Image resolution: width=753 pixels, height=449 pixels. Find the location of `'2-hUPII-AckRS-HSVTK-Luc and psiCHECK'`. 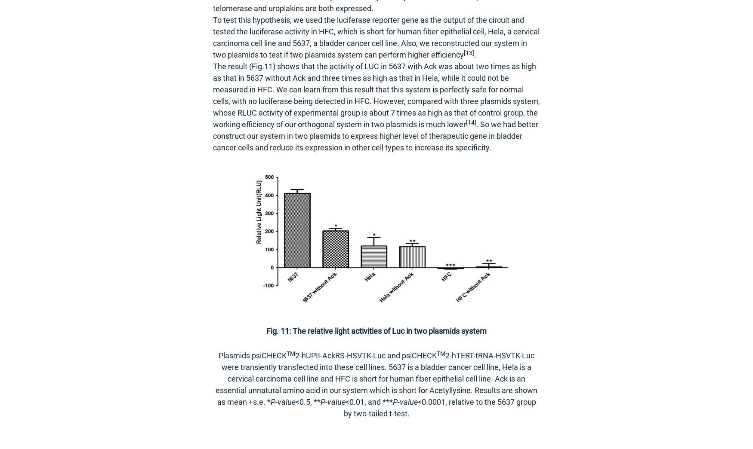

'2-hUPII-AckRS-HSVTK-Luc and psiCHECK' is located at coordinates (366, 355).